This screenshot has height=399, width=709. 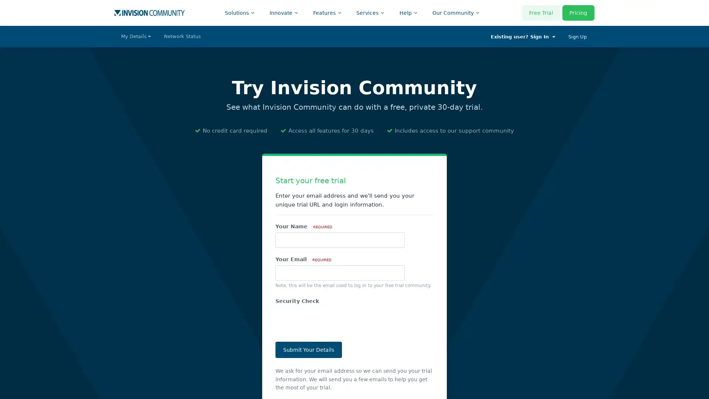 I want to click on Services, so click(x=370, y=13).